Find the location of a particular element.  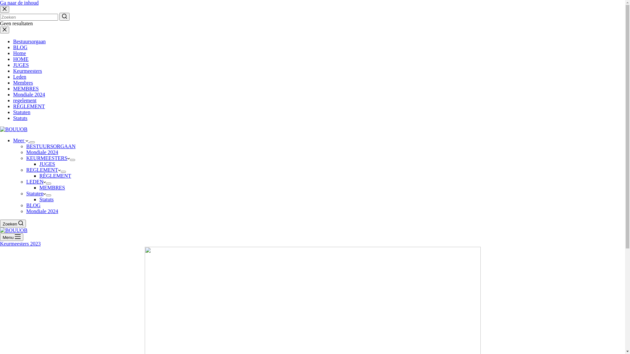

'Keurmeesters 2023' is located at coordinates (20, 244).